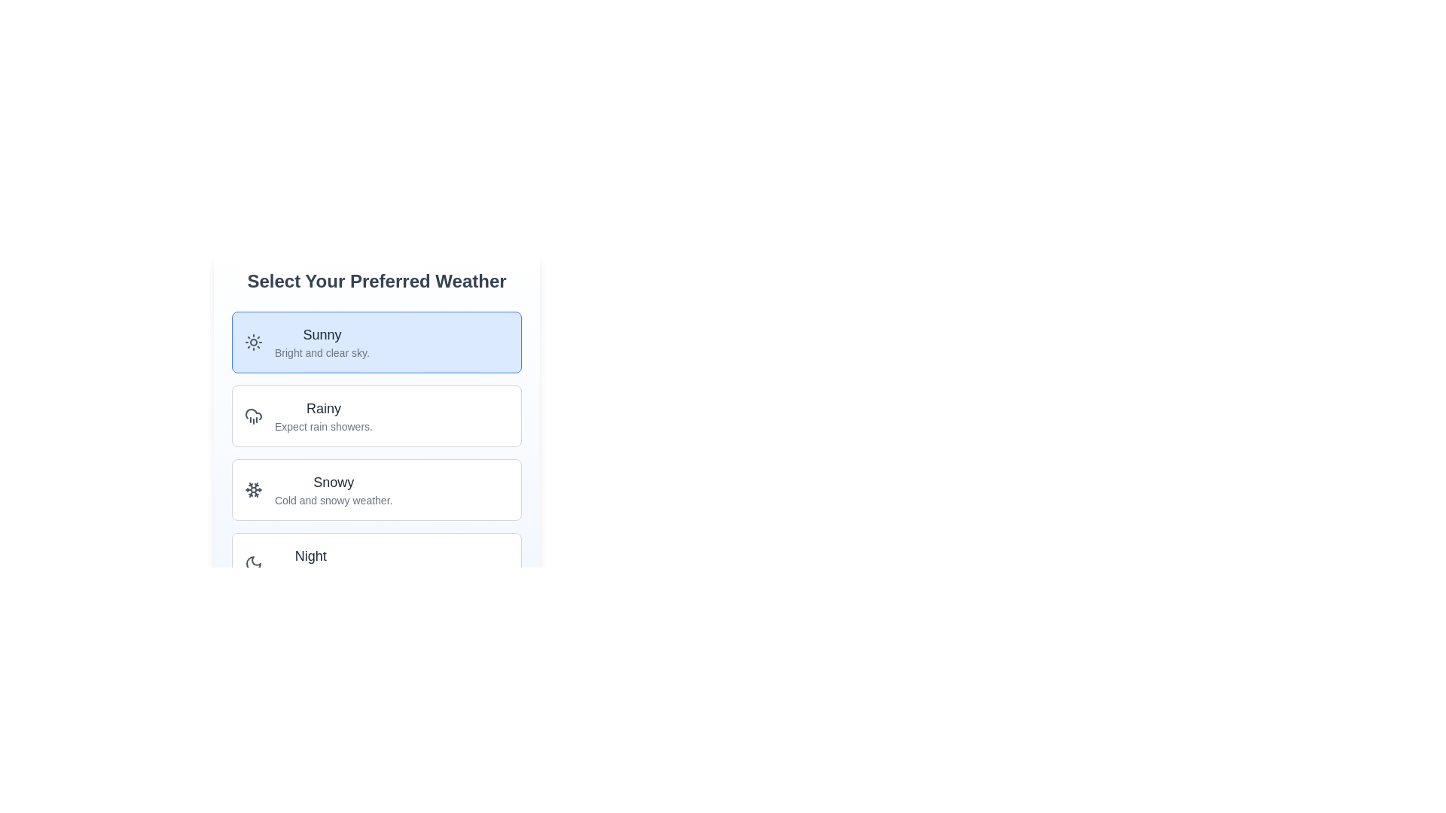 This screenshot has height=813, width=1446. I want to click on the fifth angular branch of the snowflake icon in the weather preference selection interface, located next to the 'Snowy' option, so click(251, 493).